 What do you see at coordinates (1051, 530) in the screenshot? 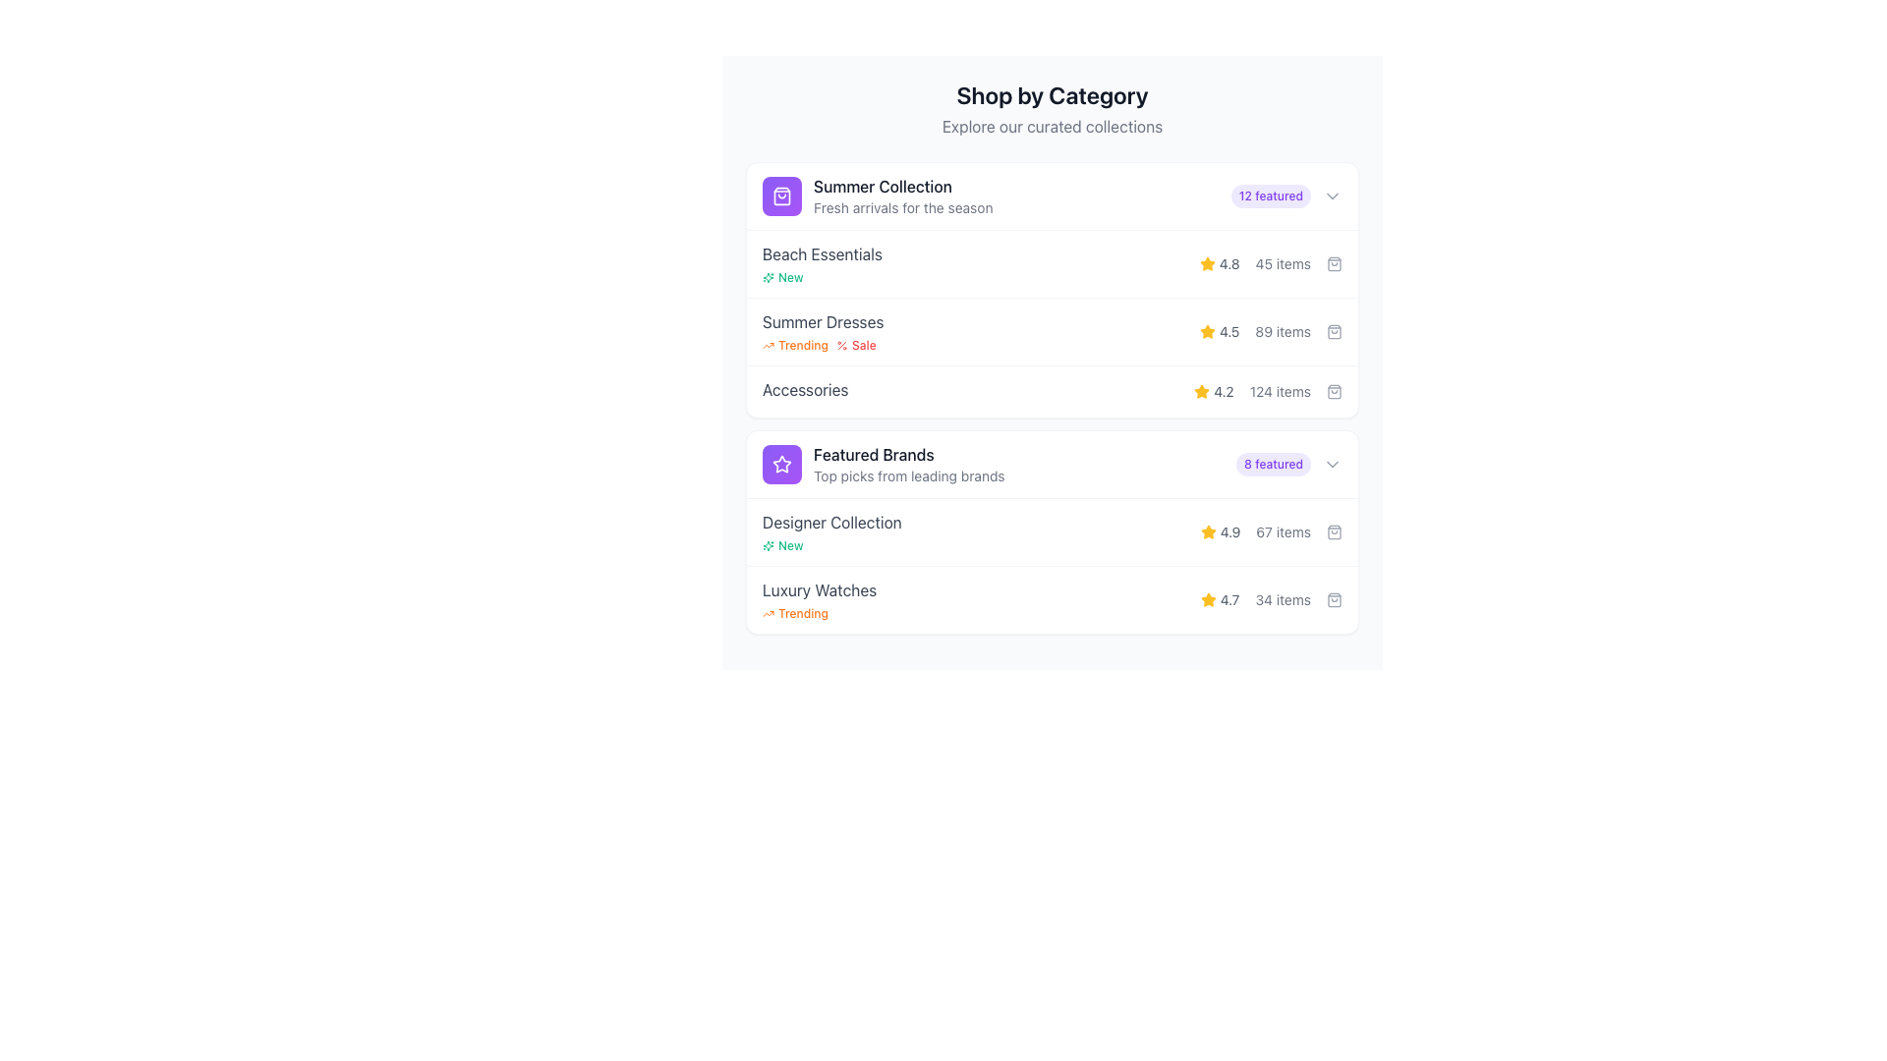
I see `rating details of the 'Designer Collection' category list item, which is the first item under the 'Featured Brands' section` at bounding box center [1051, 530].